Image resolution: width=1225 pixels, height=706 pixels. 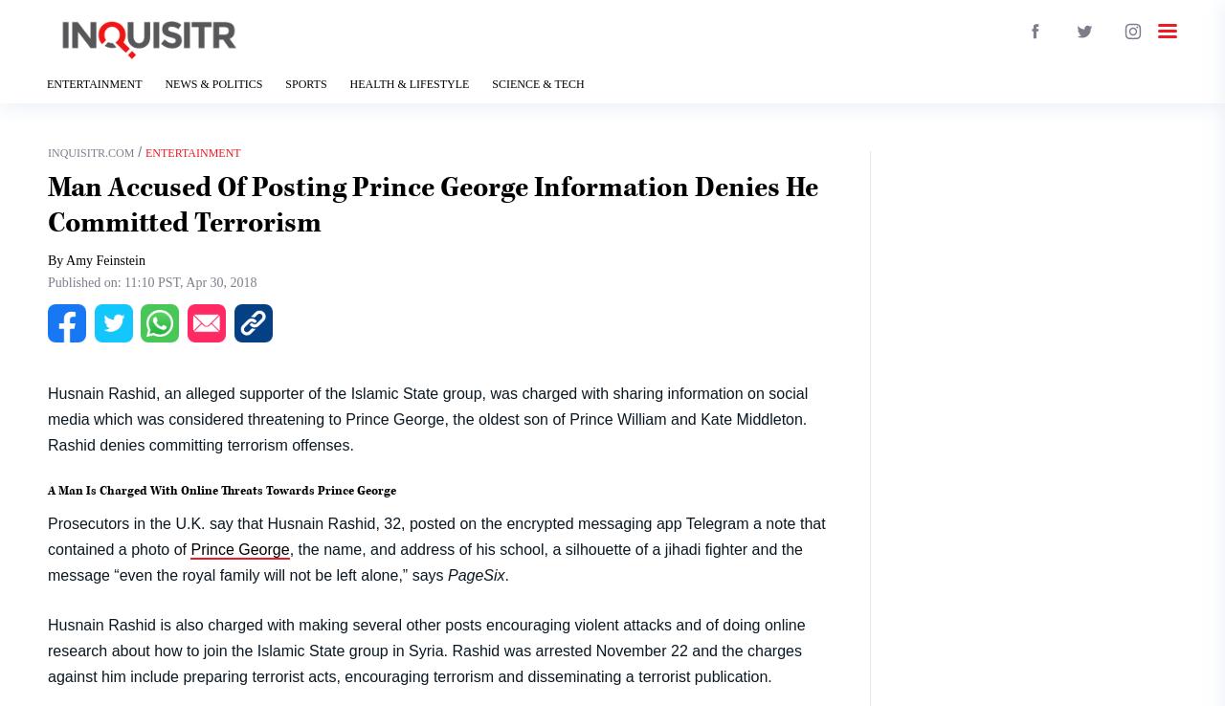 I want to click on 'PageSix', so click(x=476, y=573).